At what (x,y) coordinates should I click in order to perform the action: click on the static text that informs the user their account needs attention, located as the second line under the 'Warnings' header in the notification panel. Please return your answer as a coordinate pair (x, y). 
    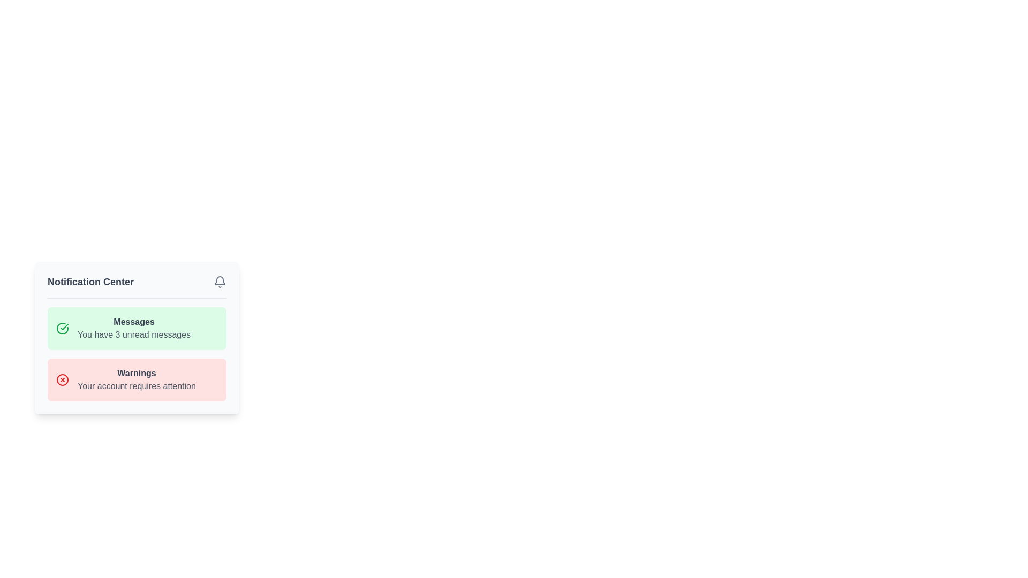
    Looking at the image, I should click on (136, 386).